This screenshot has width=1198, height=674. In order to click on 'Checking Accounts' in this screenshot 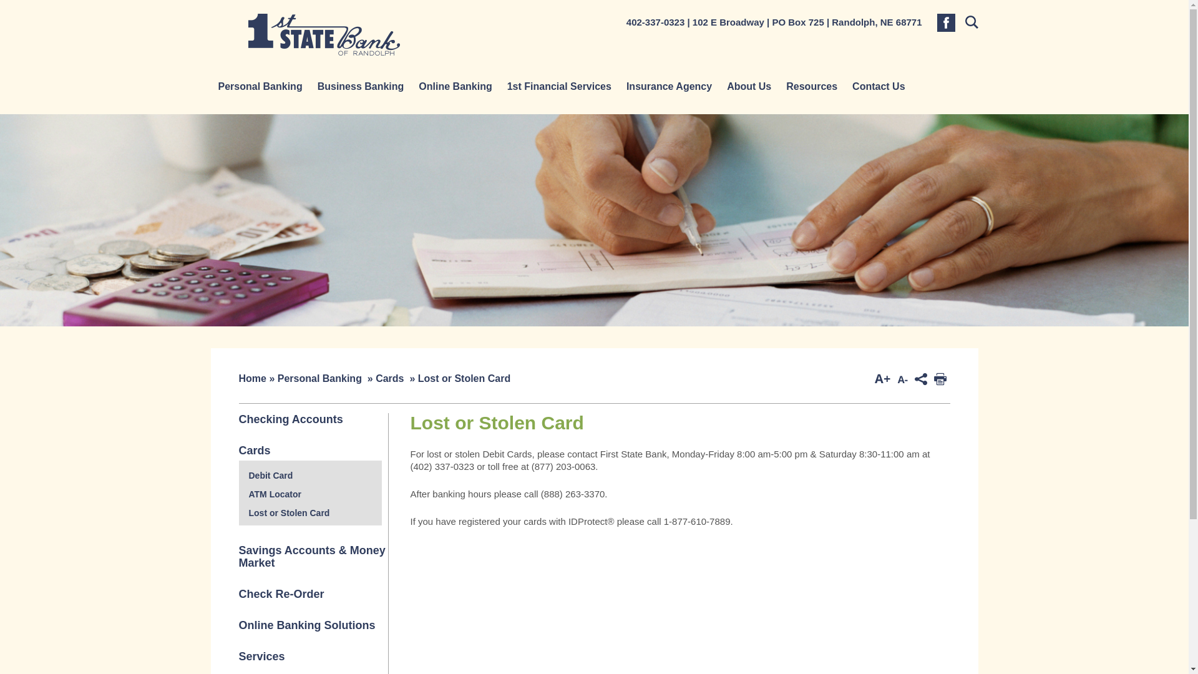, I will do `click(290, 419)`.